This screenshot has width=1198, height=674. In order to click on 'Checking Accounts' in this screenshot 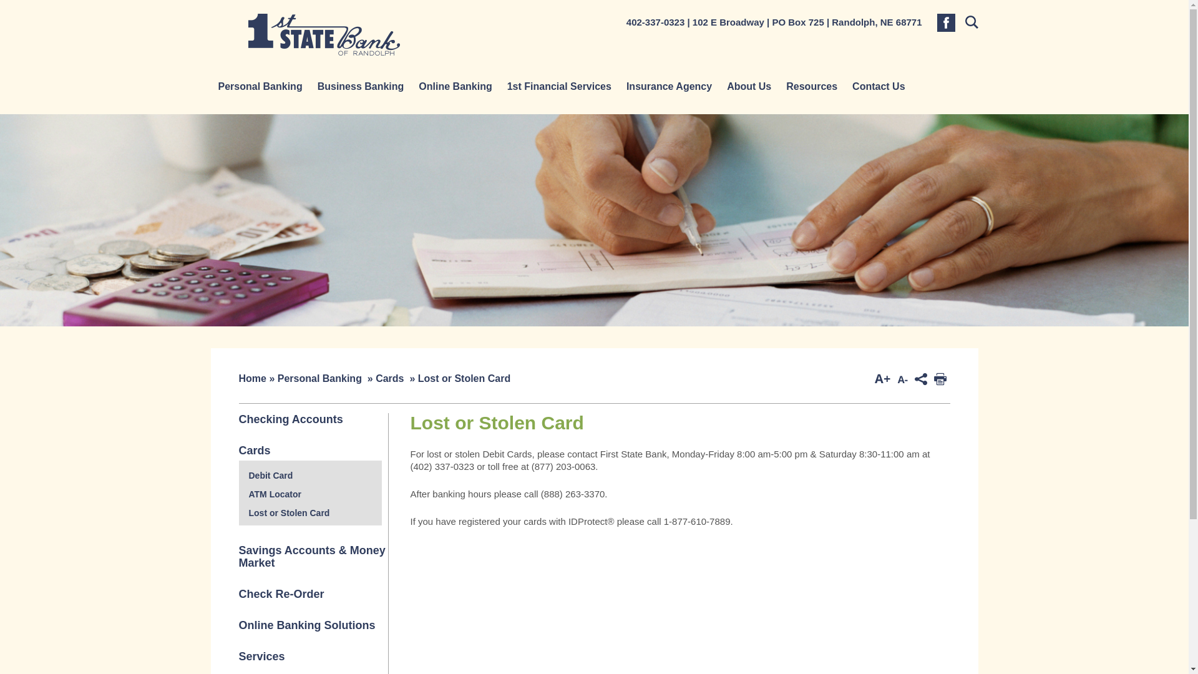, I will do `click(290, 419)`.